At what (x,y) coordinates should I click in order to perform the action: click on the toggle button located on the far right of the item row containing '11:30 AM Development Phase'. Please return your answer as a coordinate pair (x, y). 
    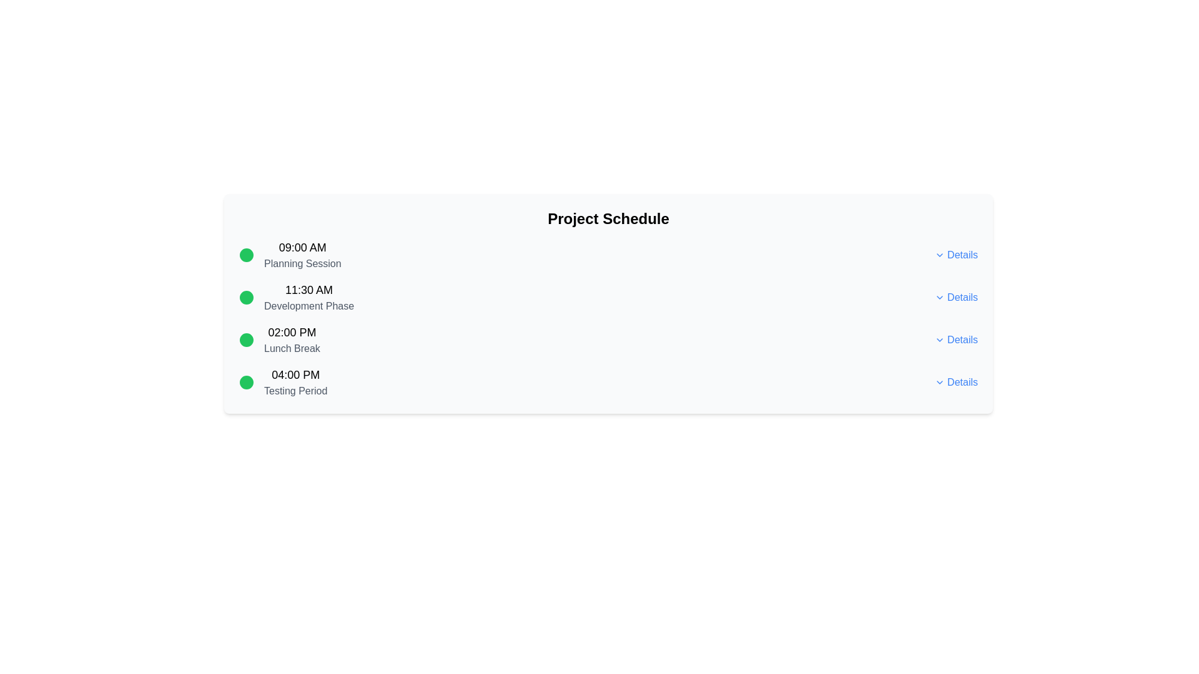
    Looking at the image, I should click on (955, 298).